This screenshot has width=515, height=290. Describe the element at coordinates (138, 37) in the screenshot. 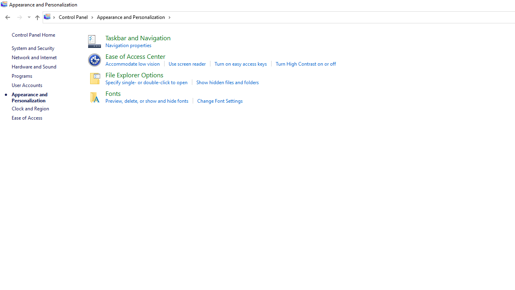

I see `'Taskbar and Navigation'` at that location.